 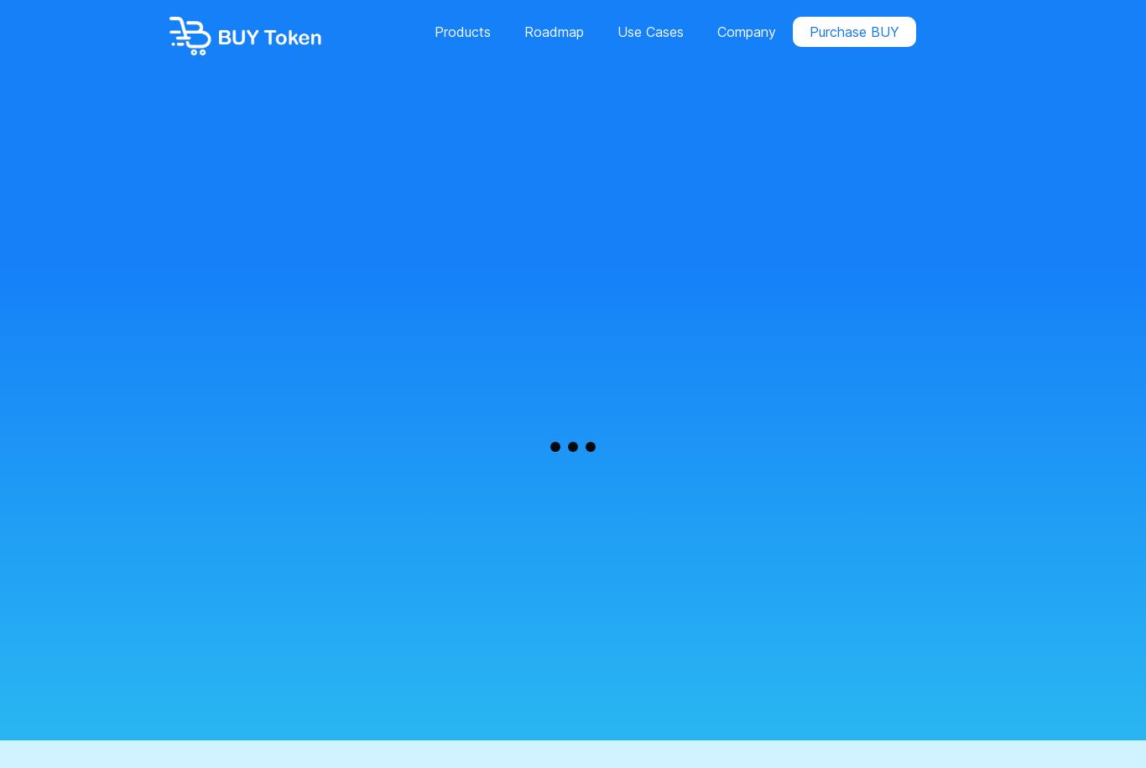 I want to click on 'On Demand Delivery Solution that leverages the BUY Token and blockchain technology to provide secure, transparent, and efficient delivery services for businesses.', so click(x=566, y=173).